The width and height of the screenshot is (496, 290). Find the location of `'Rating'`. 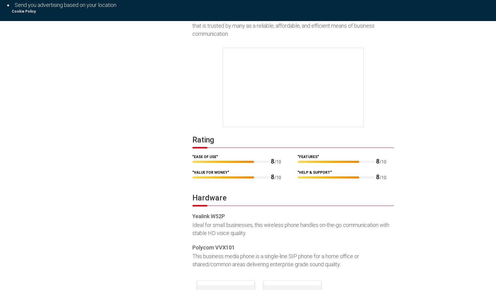

'Rating' is located at coordinates (203, 139).